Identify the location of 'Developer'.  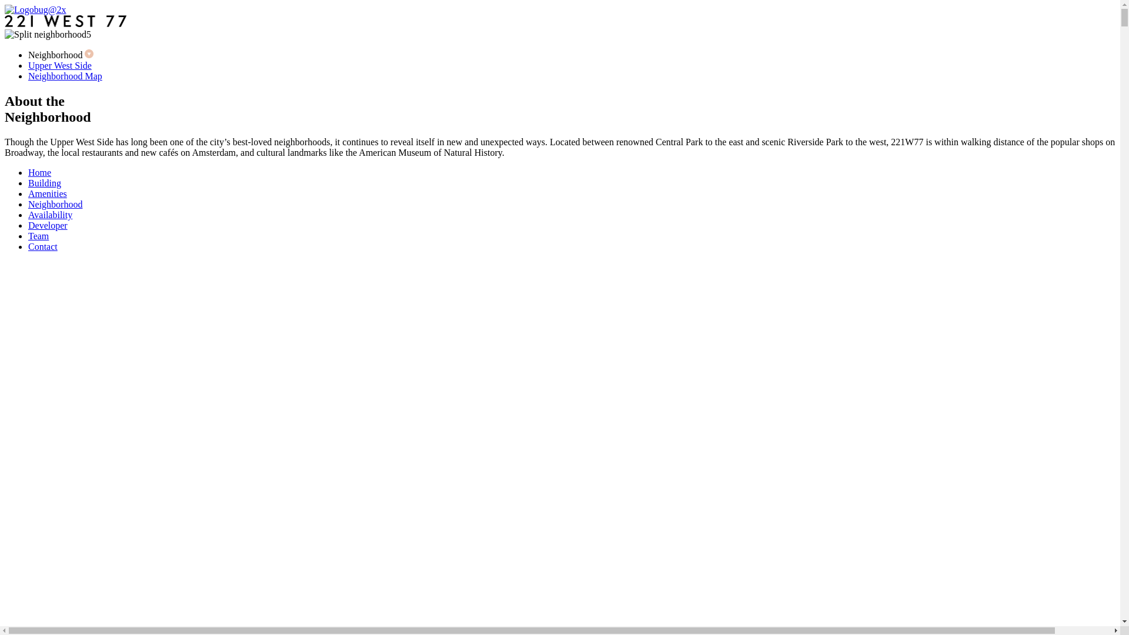
(47, 225).